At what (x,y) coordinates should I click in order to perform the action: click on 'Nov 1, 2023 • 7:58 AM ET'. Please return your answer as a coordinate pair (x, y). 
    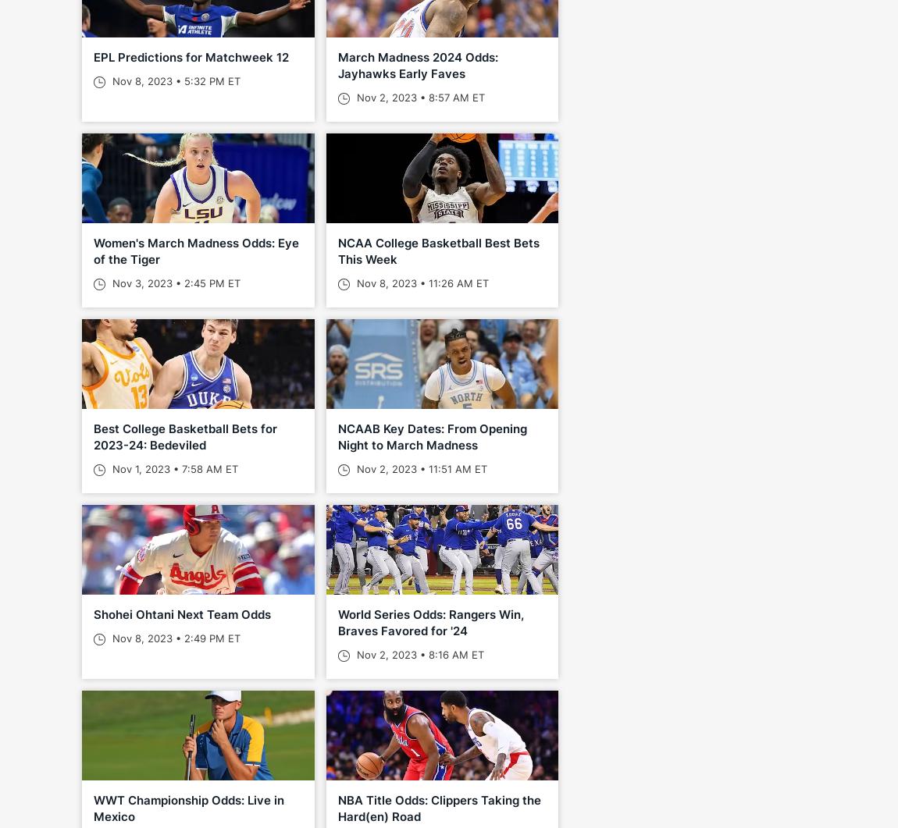
    Looking at the image, I should click on (173, 467).